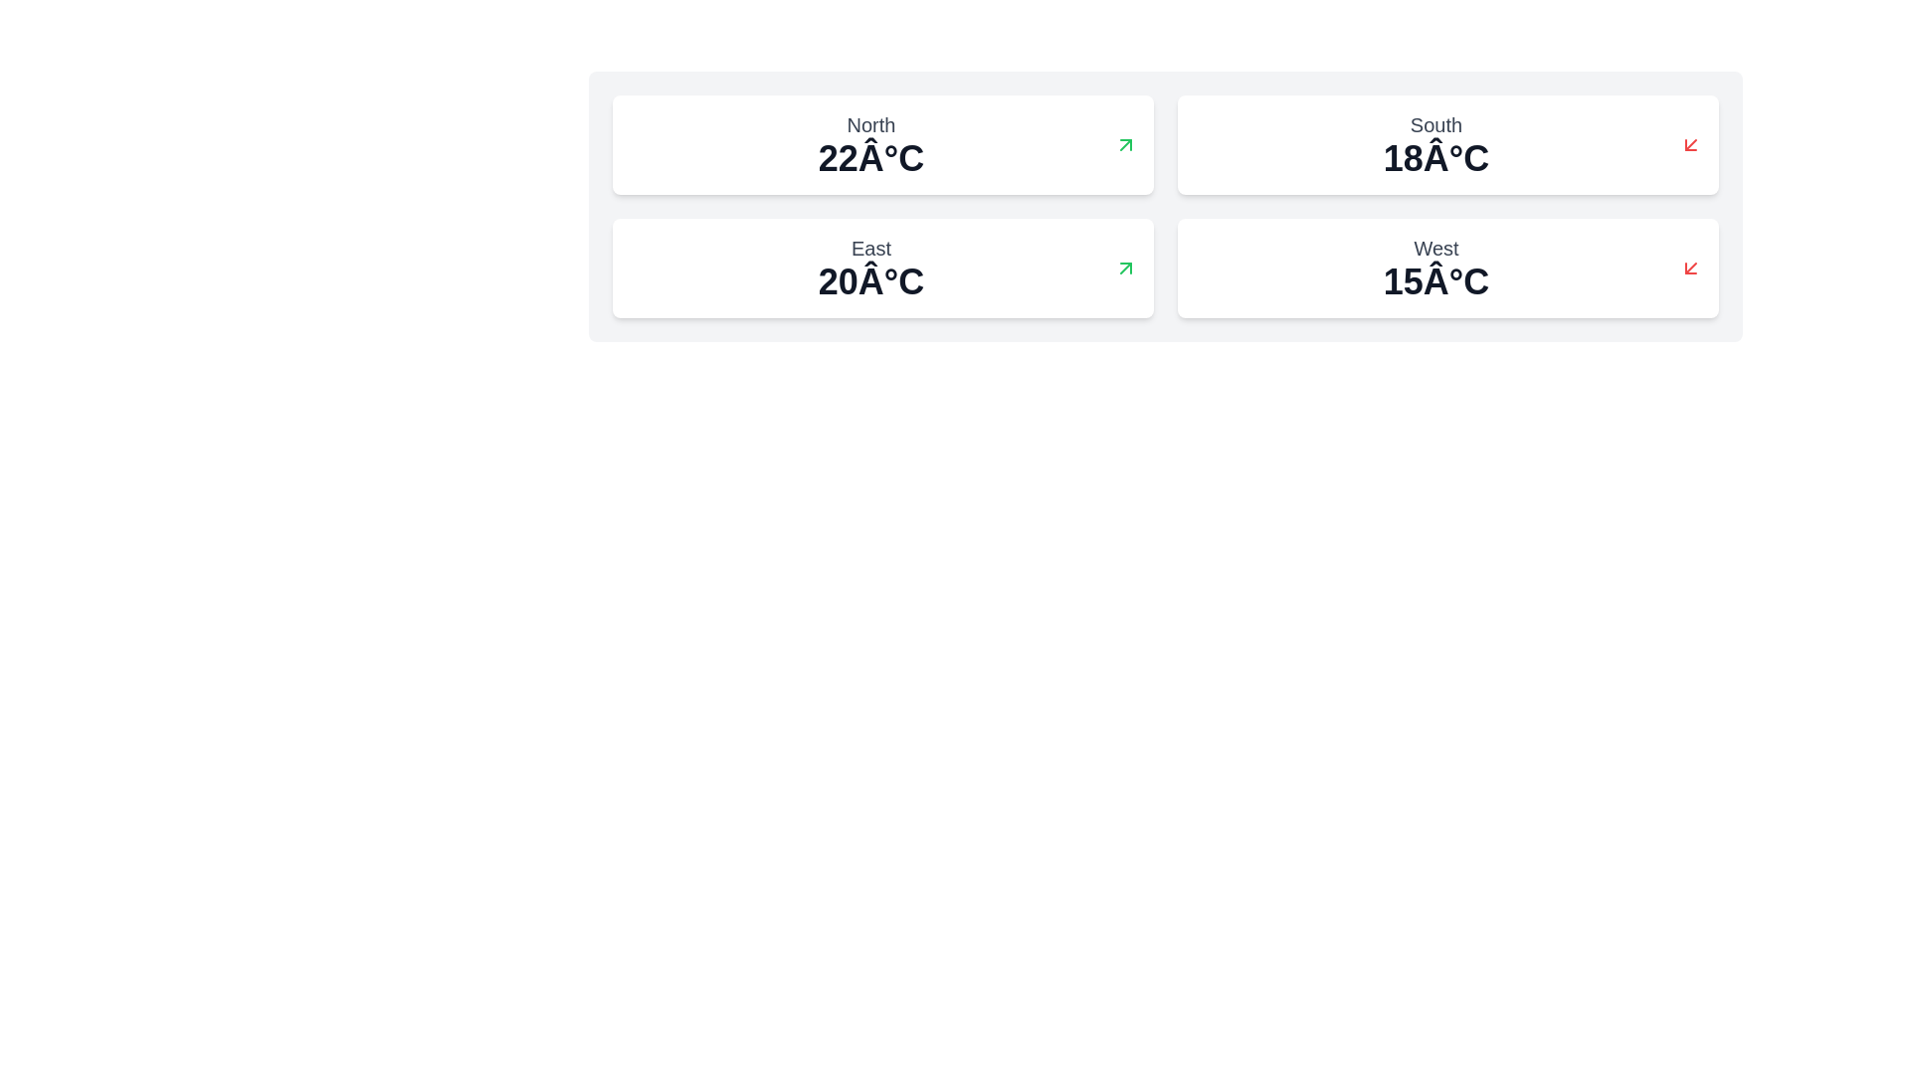 This screenshot has height=1074, width=1910. What do you see at coordinates (1436, 248) in the screenshot?
I see `the text label 'West' which is styled with a medium-sized font and gray color, positioned above the temperature display of '15Â°C' in the lower right quadrant of the grid layout` at bounding box center [1436, 248].